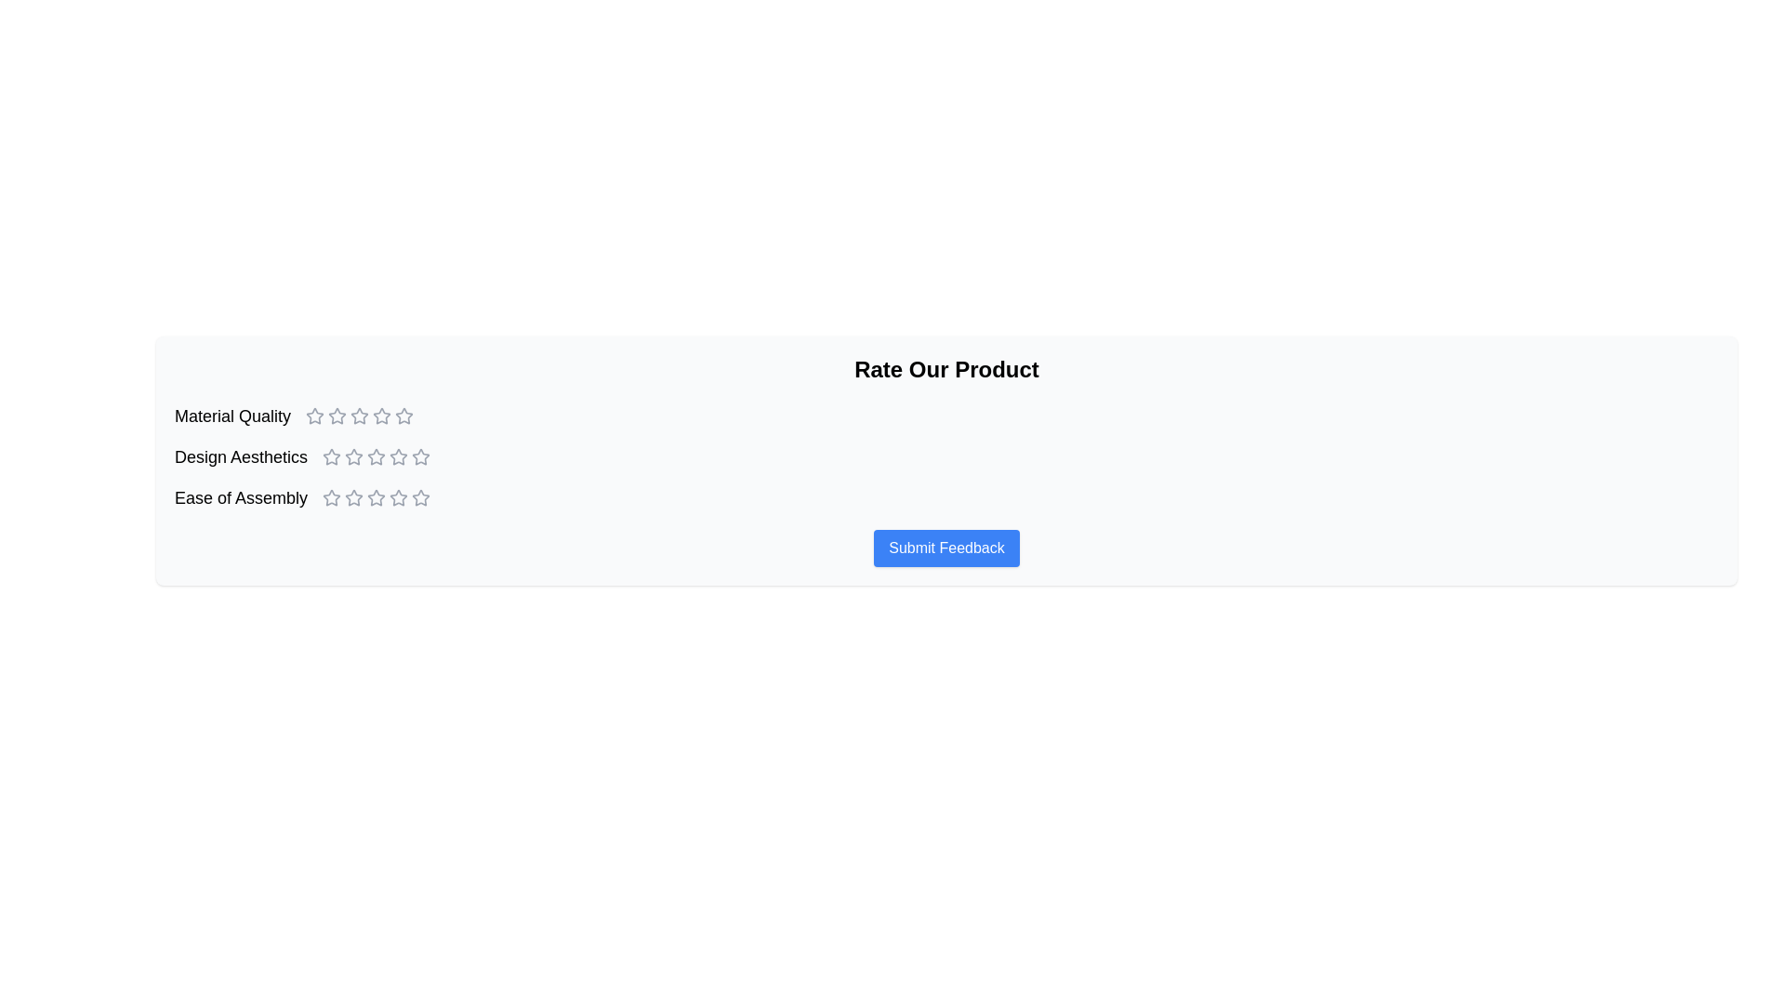  What do you see at coordinates (403, 415) in the screenshot?
I see `the last outlined gray star icon in the rating system labeled 'Material Quality' for interaction` at bounding box center [403, 415].